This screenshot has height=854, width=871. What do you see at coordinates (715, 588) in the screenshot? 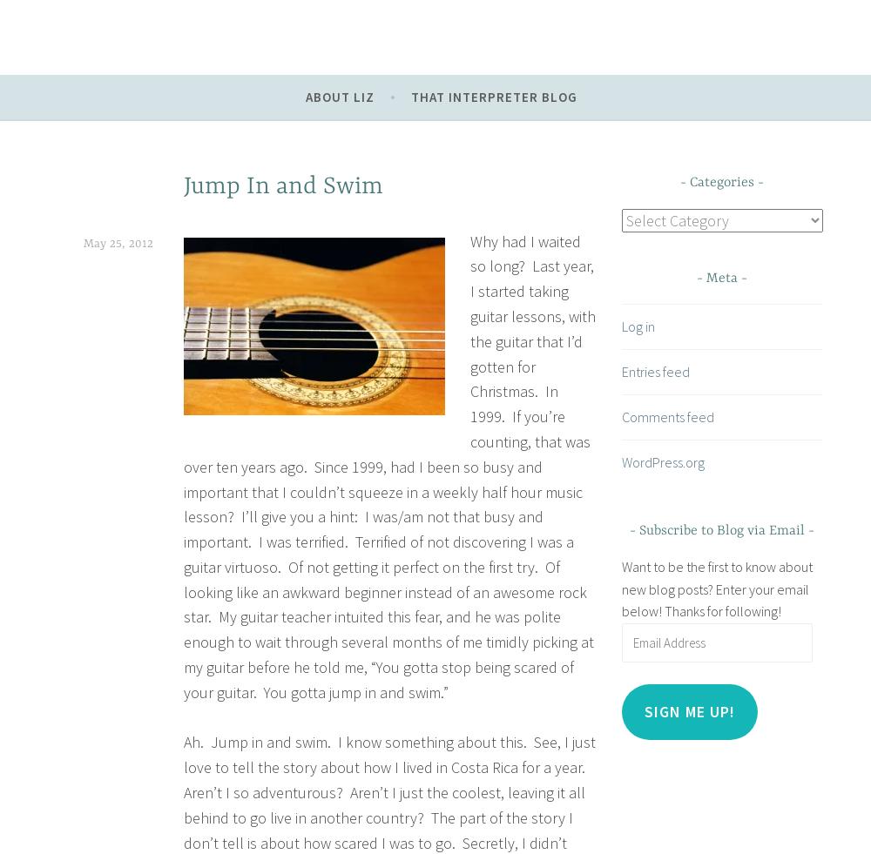
I see `'Want to be the first to know about new blog posts? Enter your email below! Thanks for following!'` at bounding box center [715, 588].